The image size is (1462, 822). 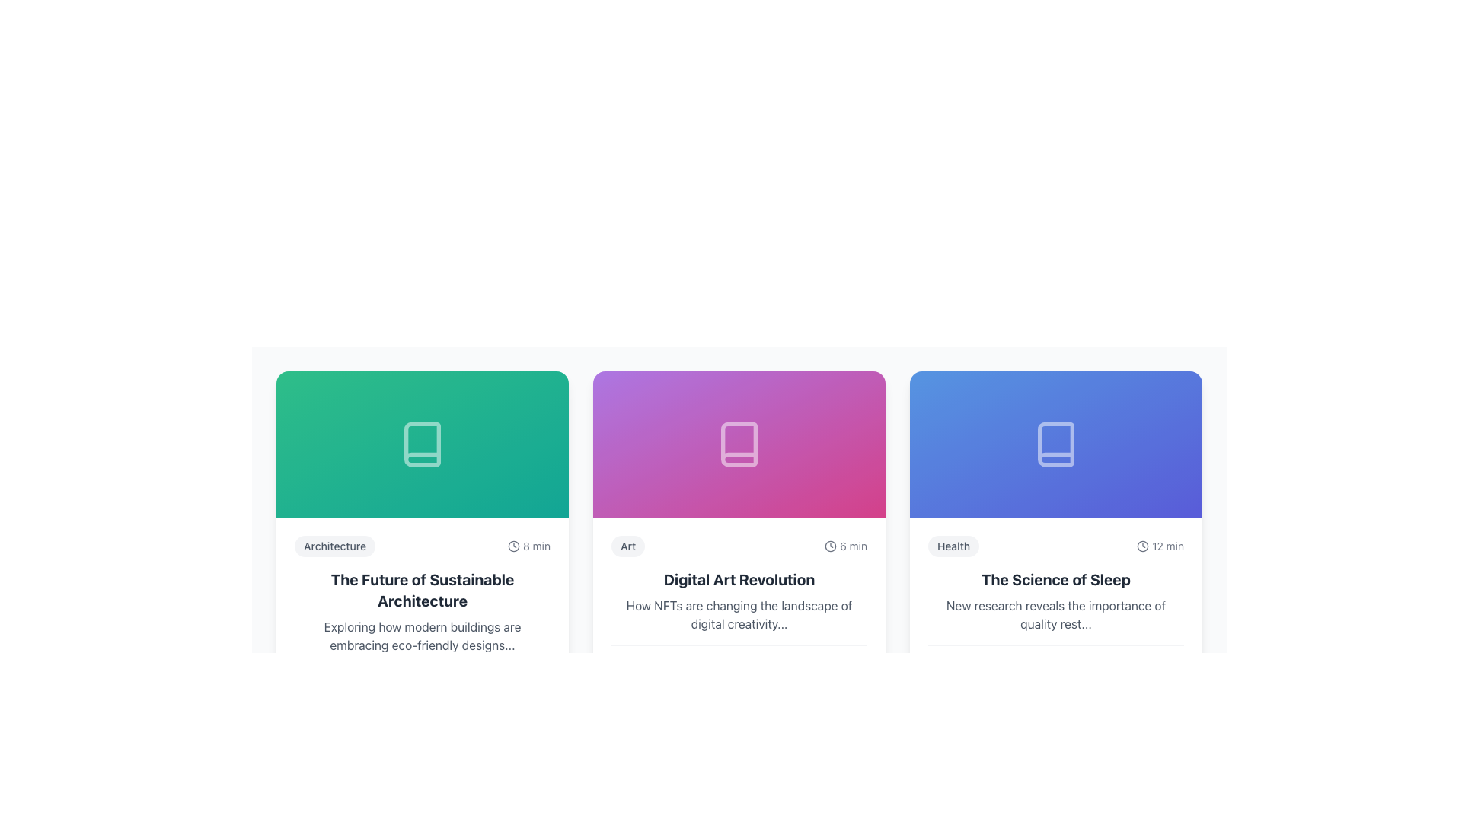 I want to click on the decorative icon located centrally within the first card of a horizontally aligned row, slightly above the text elements in the top half of the card's green section, so click(x=423, y=444).